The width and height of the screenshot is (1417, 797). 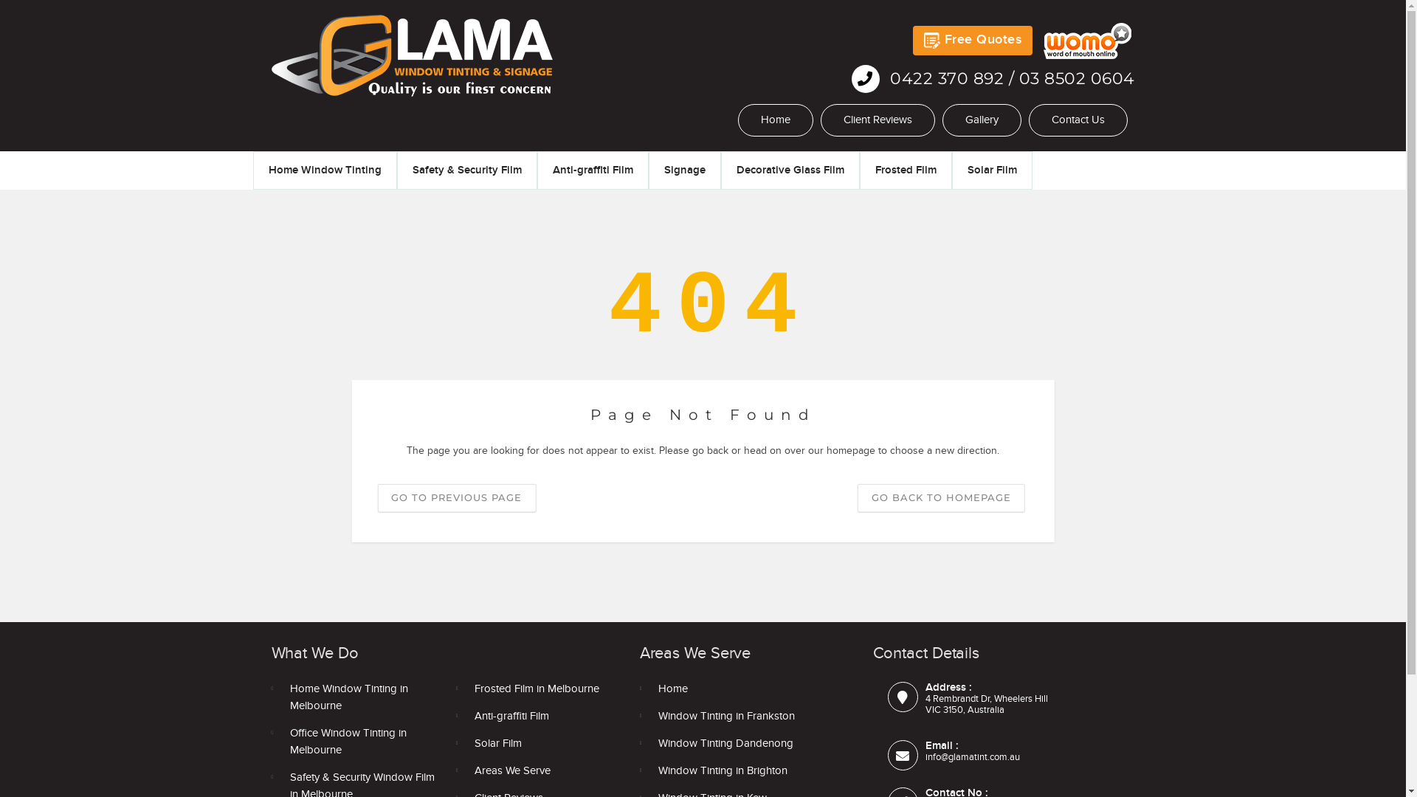 What do you see at coordinates (973, 757) in the screenshot?
I see `'info@glamatint.com.au'` at bounding box center [973, 757].